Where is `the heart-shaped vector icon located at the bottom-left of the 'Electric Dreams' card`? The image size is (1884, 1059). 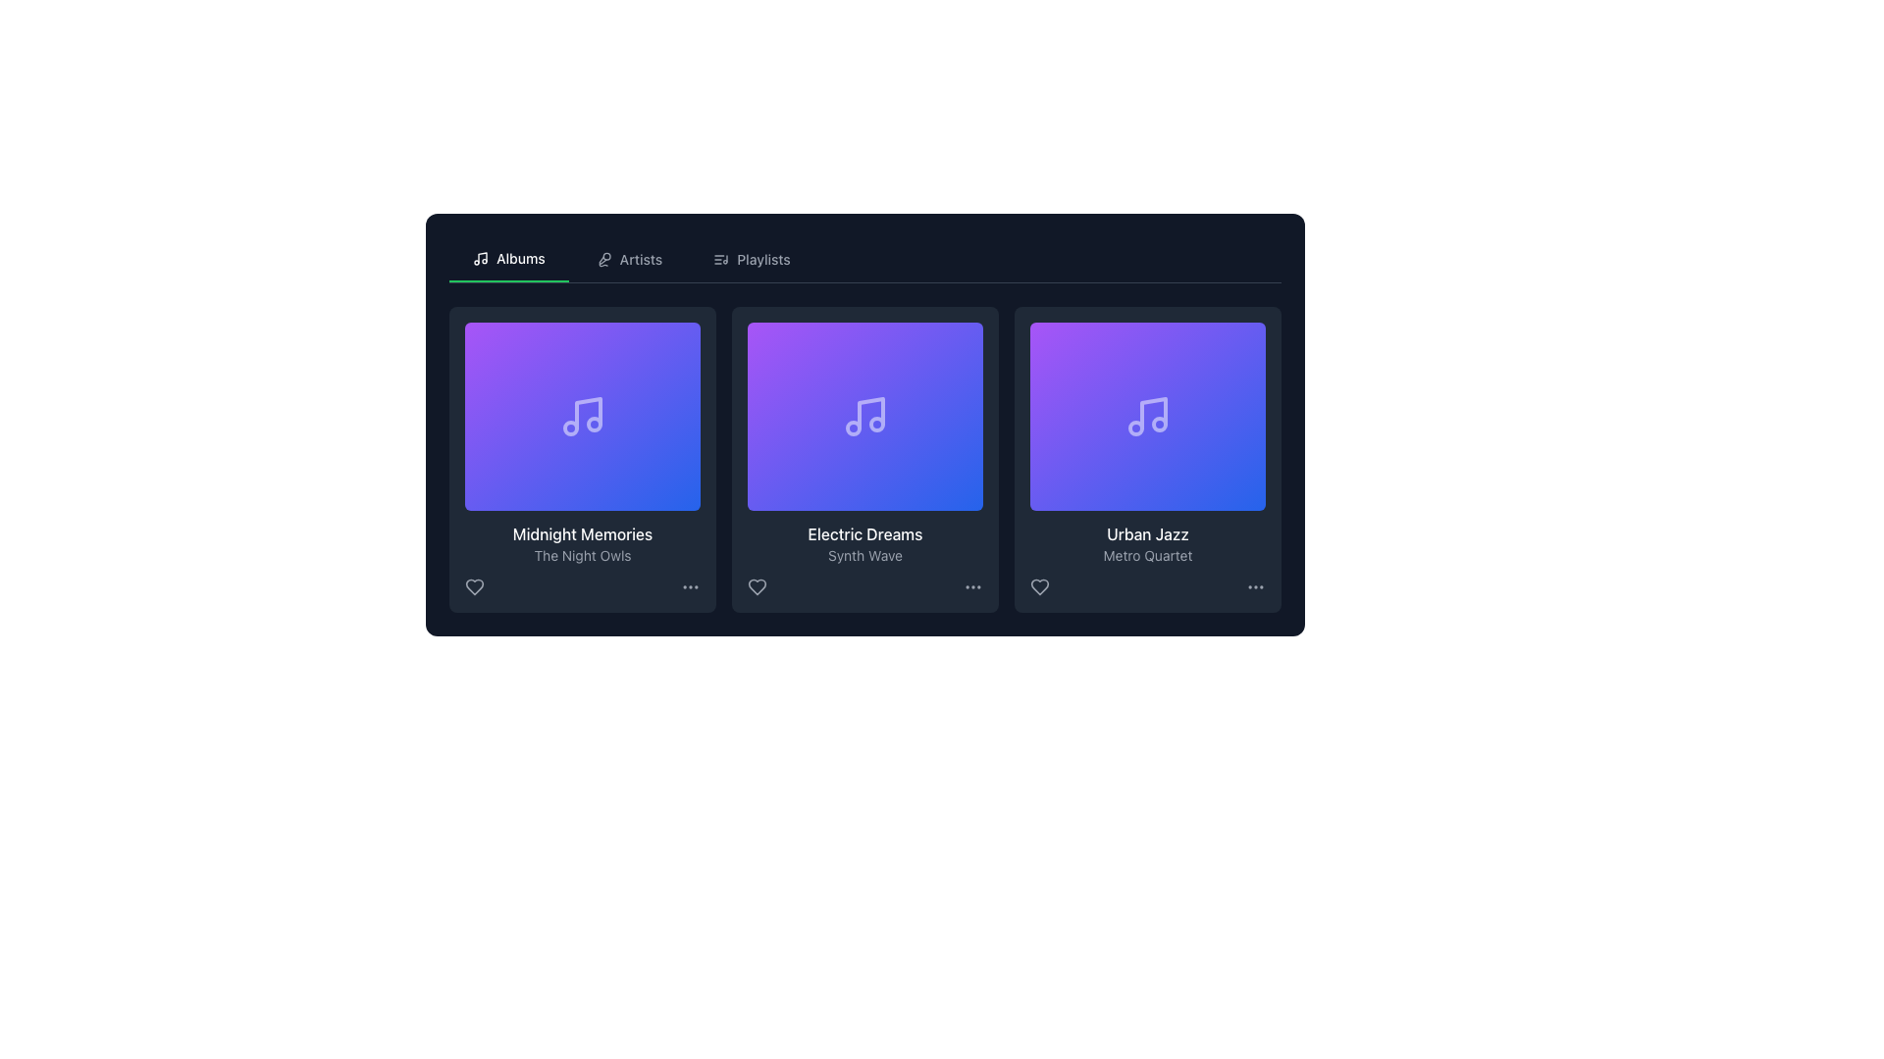
the heart-shaped vector icon located at the bottom-left of the 'Electric Dreams' card is located at coordinates (757, 585).